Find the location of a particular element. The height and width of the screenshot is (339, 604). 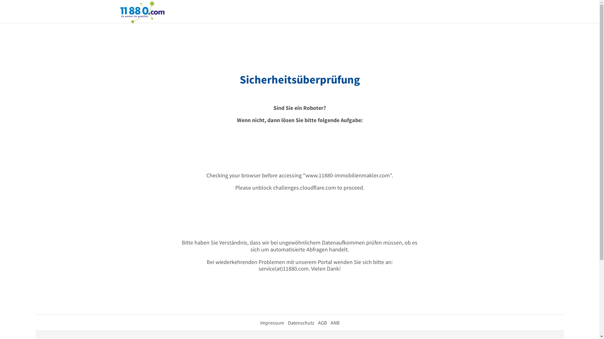

'Impressum' is located at coordinates (260, 323).